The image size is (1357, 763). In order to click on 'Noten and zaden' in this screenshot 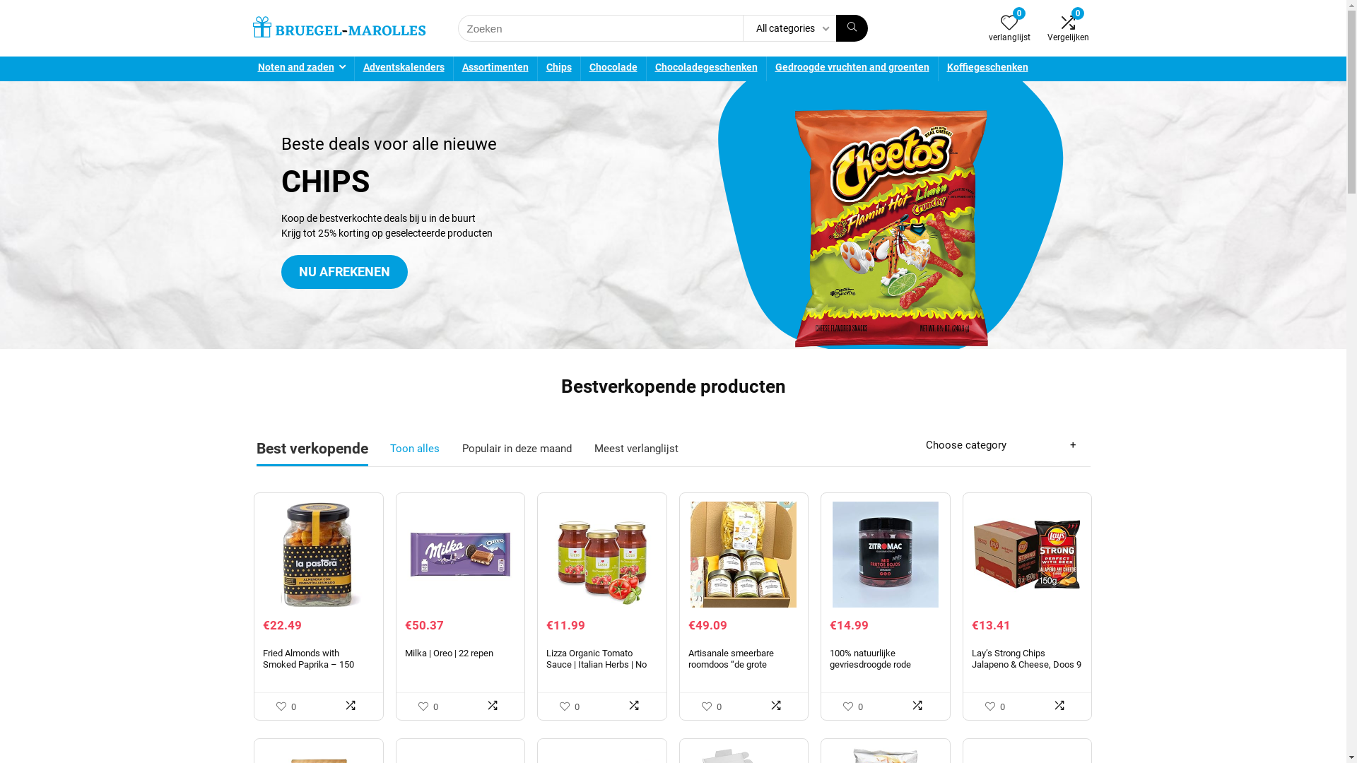, I will do `click(248, 69)`.